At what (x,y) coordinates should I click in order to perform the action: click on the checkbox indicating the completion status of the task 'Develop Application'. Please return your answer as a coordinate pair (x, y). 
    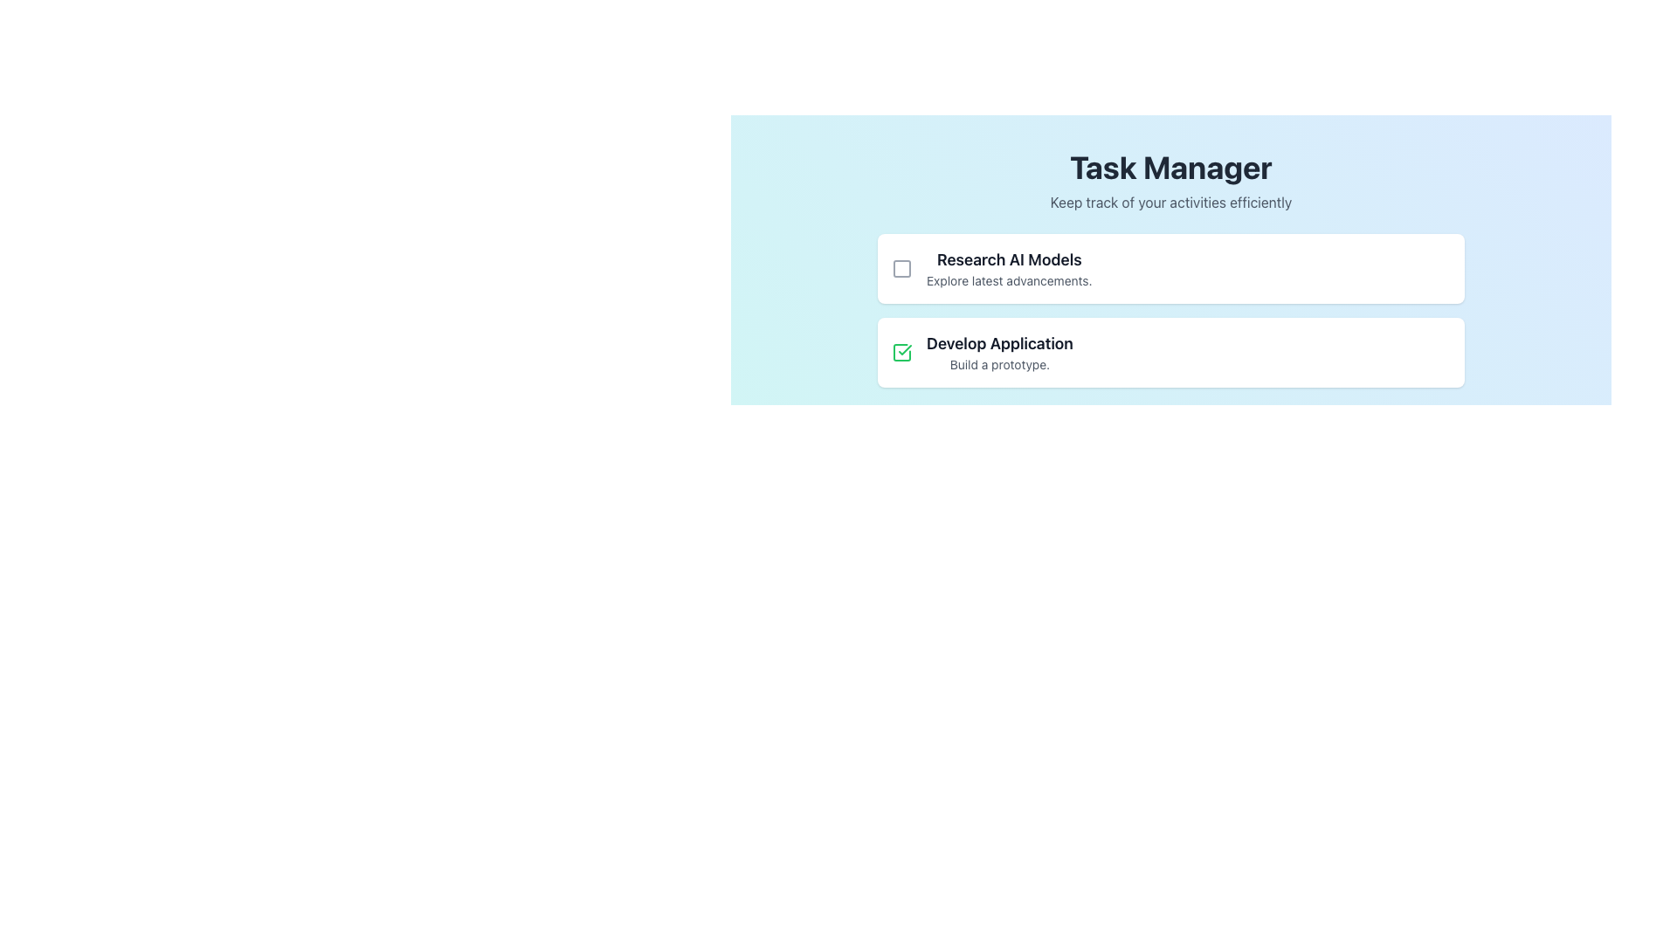
    Looking at the image, I should click on (901, 353).